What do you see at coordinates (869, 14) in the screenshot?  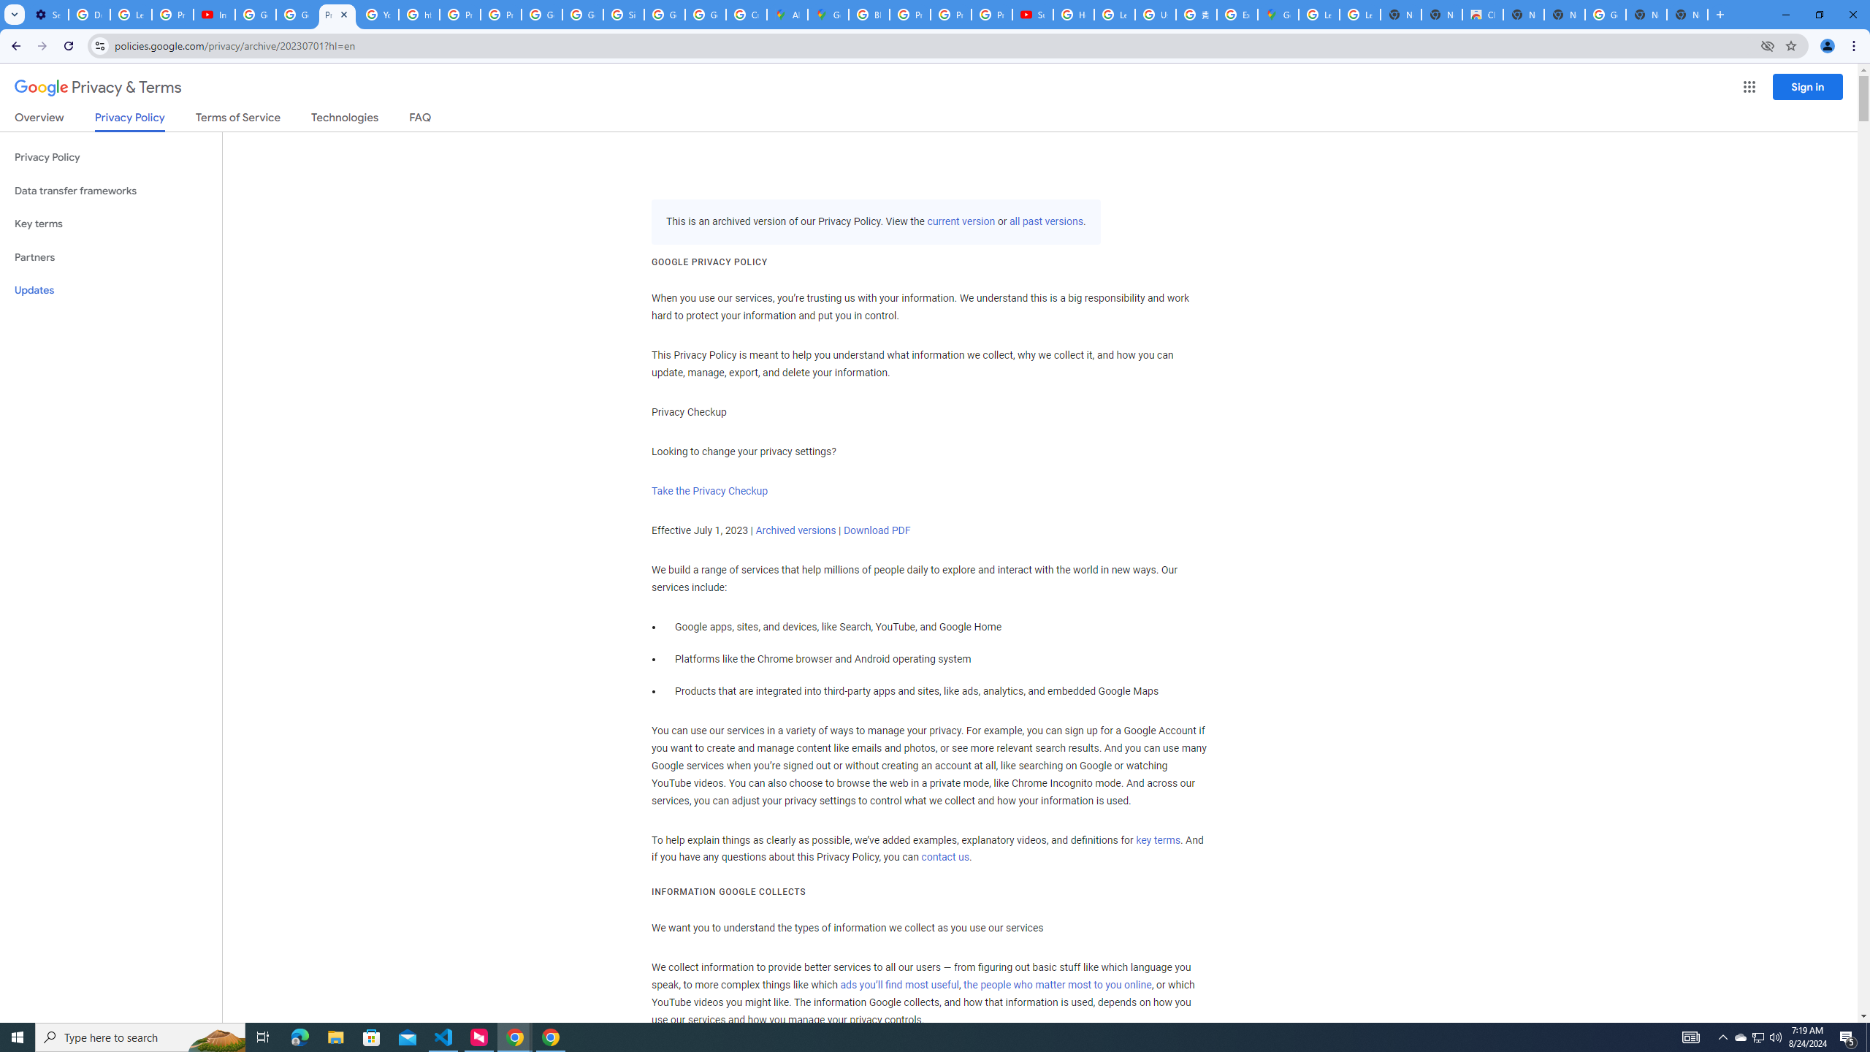 I see `'Blogger Policies and Guidelines - Transparency Center'` at bounding box center [869, 14].